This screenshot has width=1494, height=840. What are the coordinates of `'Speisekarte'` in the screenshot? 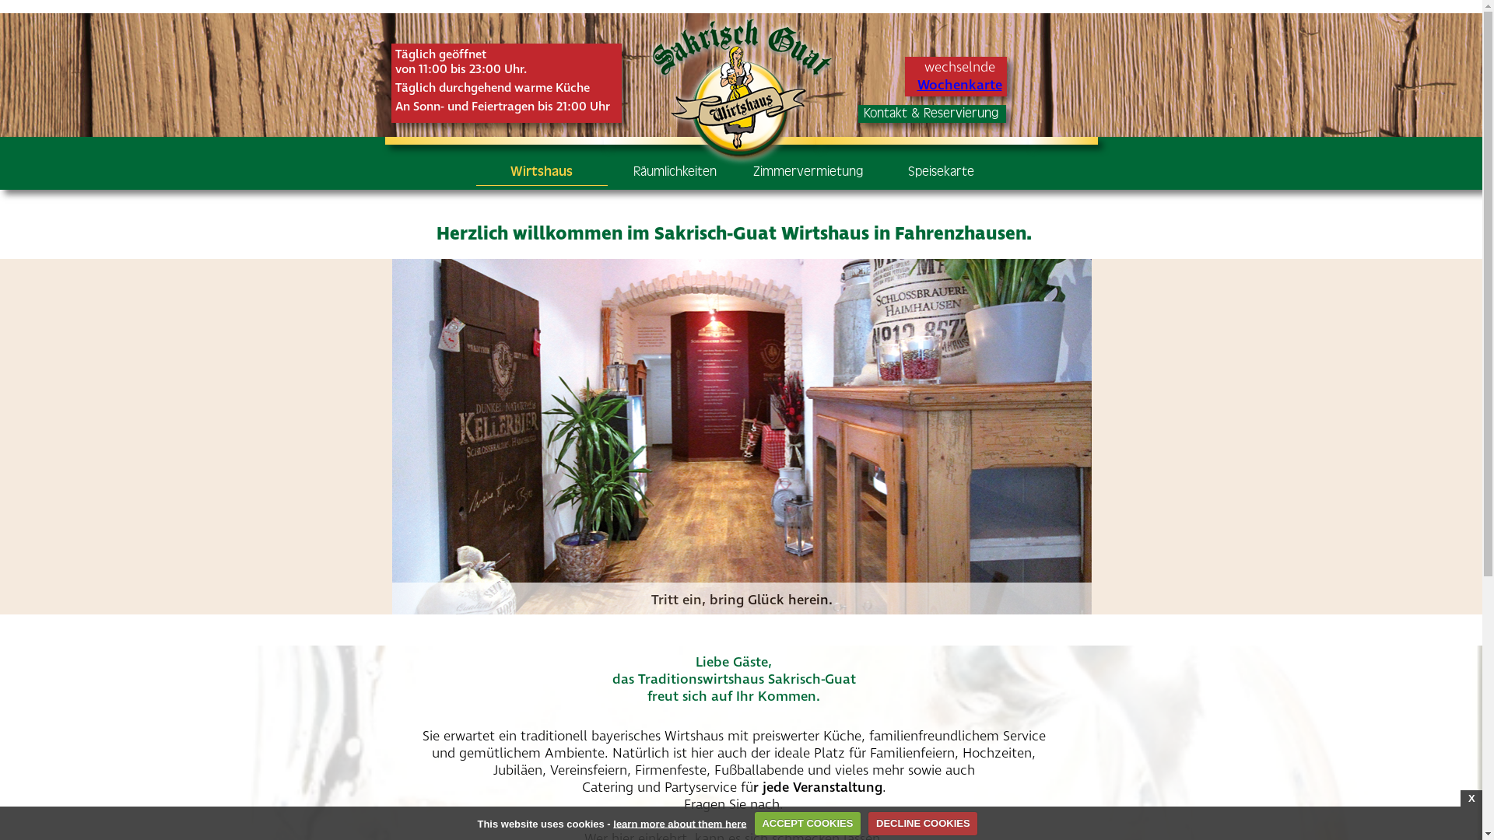 It's located at (939, 171).